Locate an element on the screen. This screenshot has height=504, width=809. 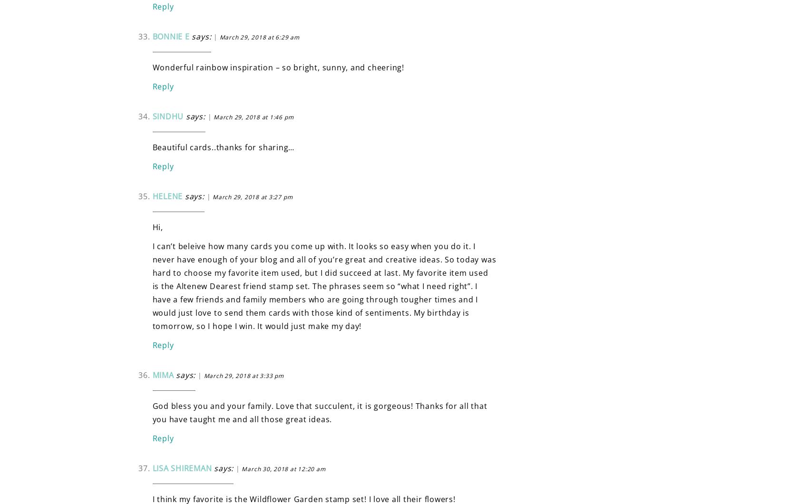
'Helene' is located at coordinates (167, 195).